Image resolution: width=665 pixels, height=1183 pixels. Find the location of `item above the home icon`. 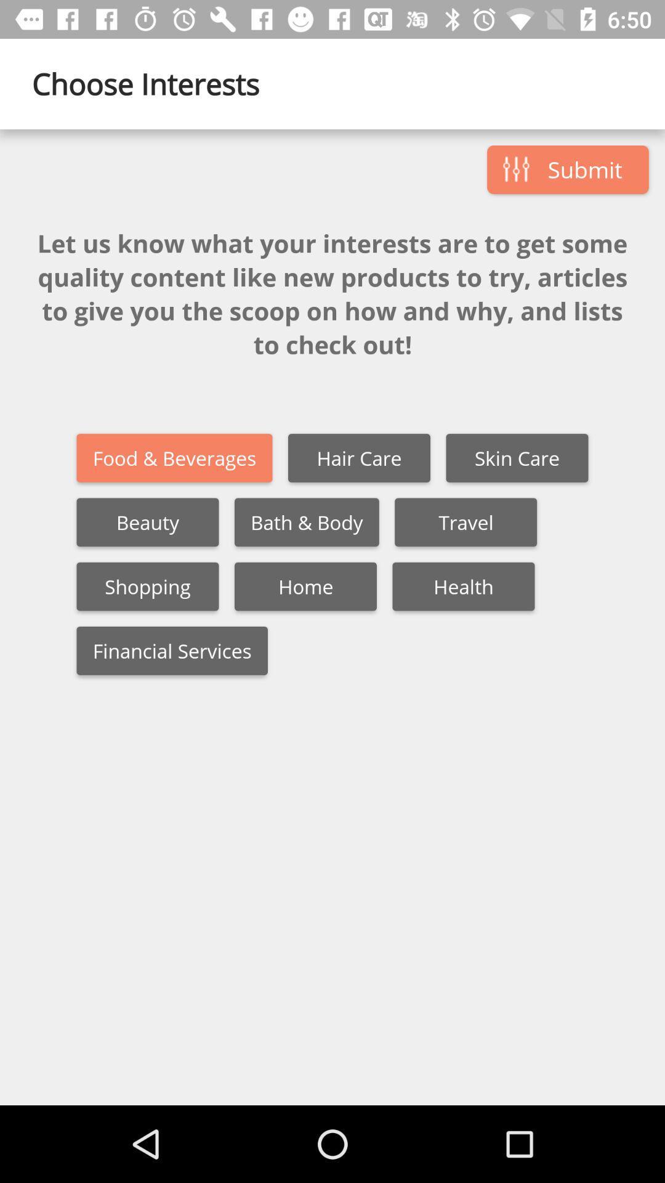

item above the home icon is located at coordinates (306, 522).